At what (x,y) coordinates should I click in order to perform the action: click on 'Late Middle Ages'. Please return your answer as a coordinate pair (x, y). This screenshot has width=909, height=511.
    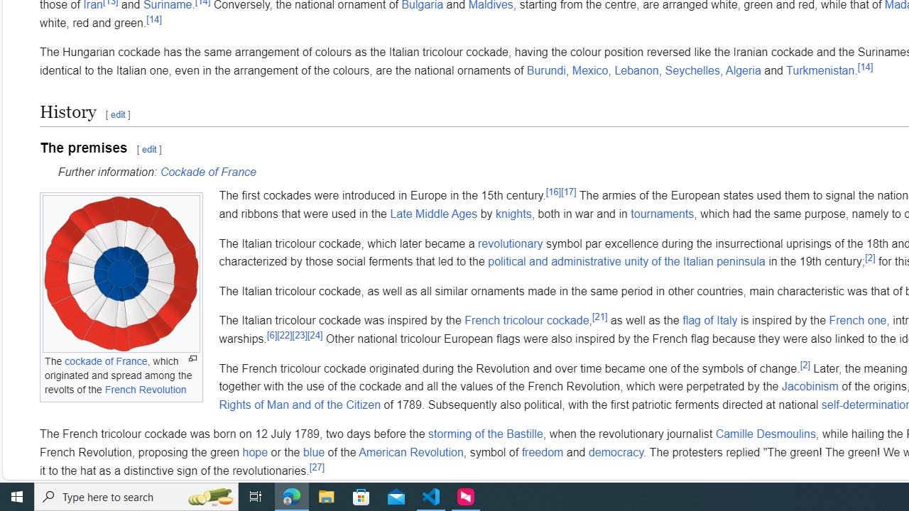
    Looking at the image, I should click on (433, 214).